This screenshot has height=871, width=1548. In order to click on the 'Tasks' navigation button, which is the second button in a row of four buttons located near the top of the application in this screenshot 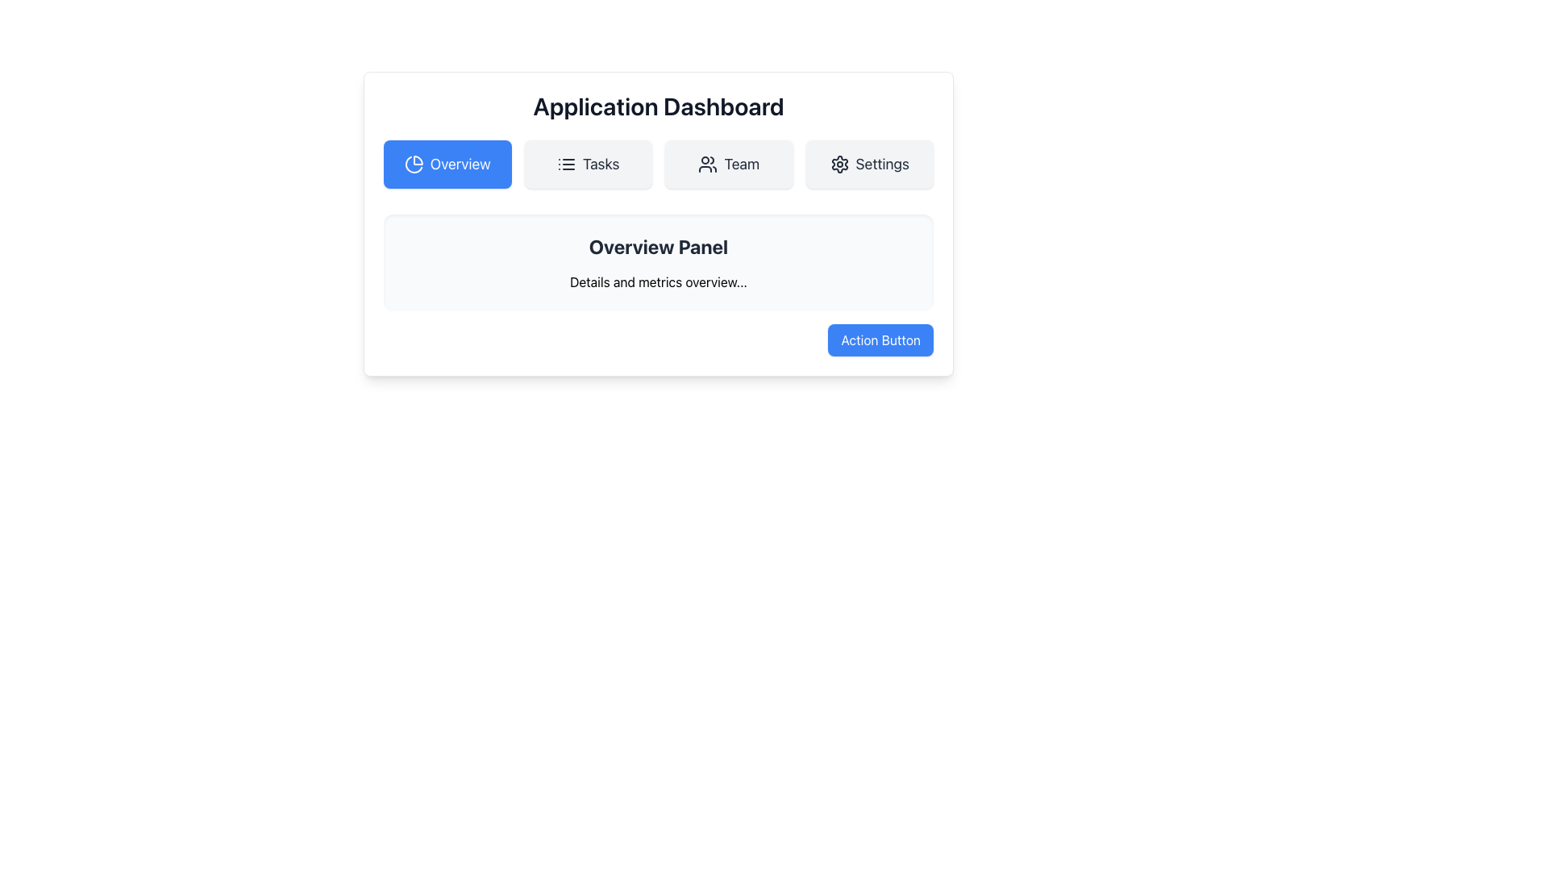, I will do `click(587, 165)`.